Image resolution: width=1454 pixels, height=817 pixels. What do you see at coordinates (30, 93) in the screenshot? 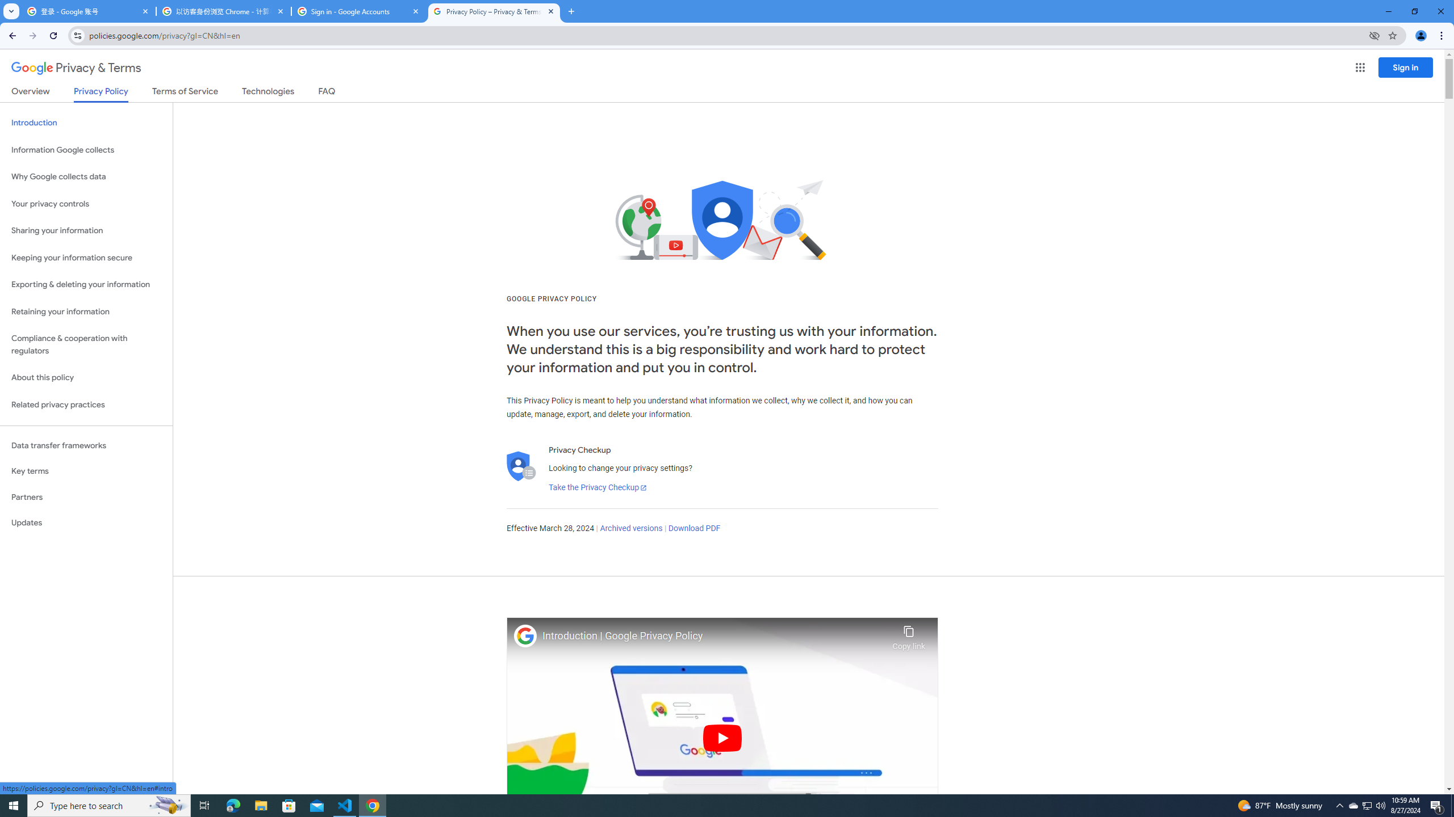
I see `'Overview'` at bounding box center [30, 93].